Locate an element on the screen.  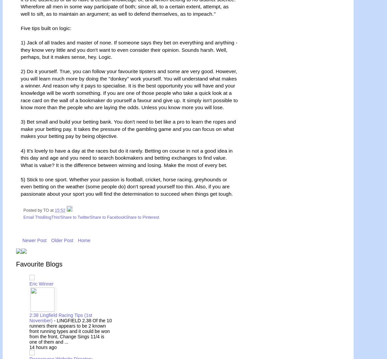
'Favourite Blogs' is located at coordinates (38, 263).